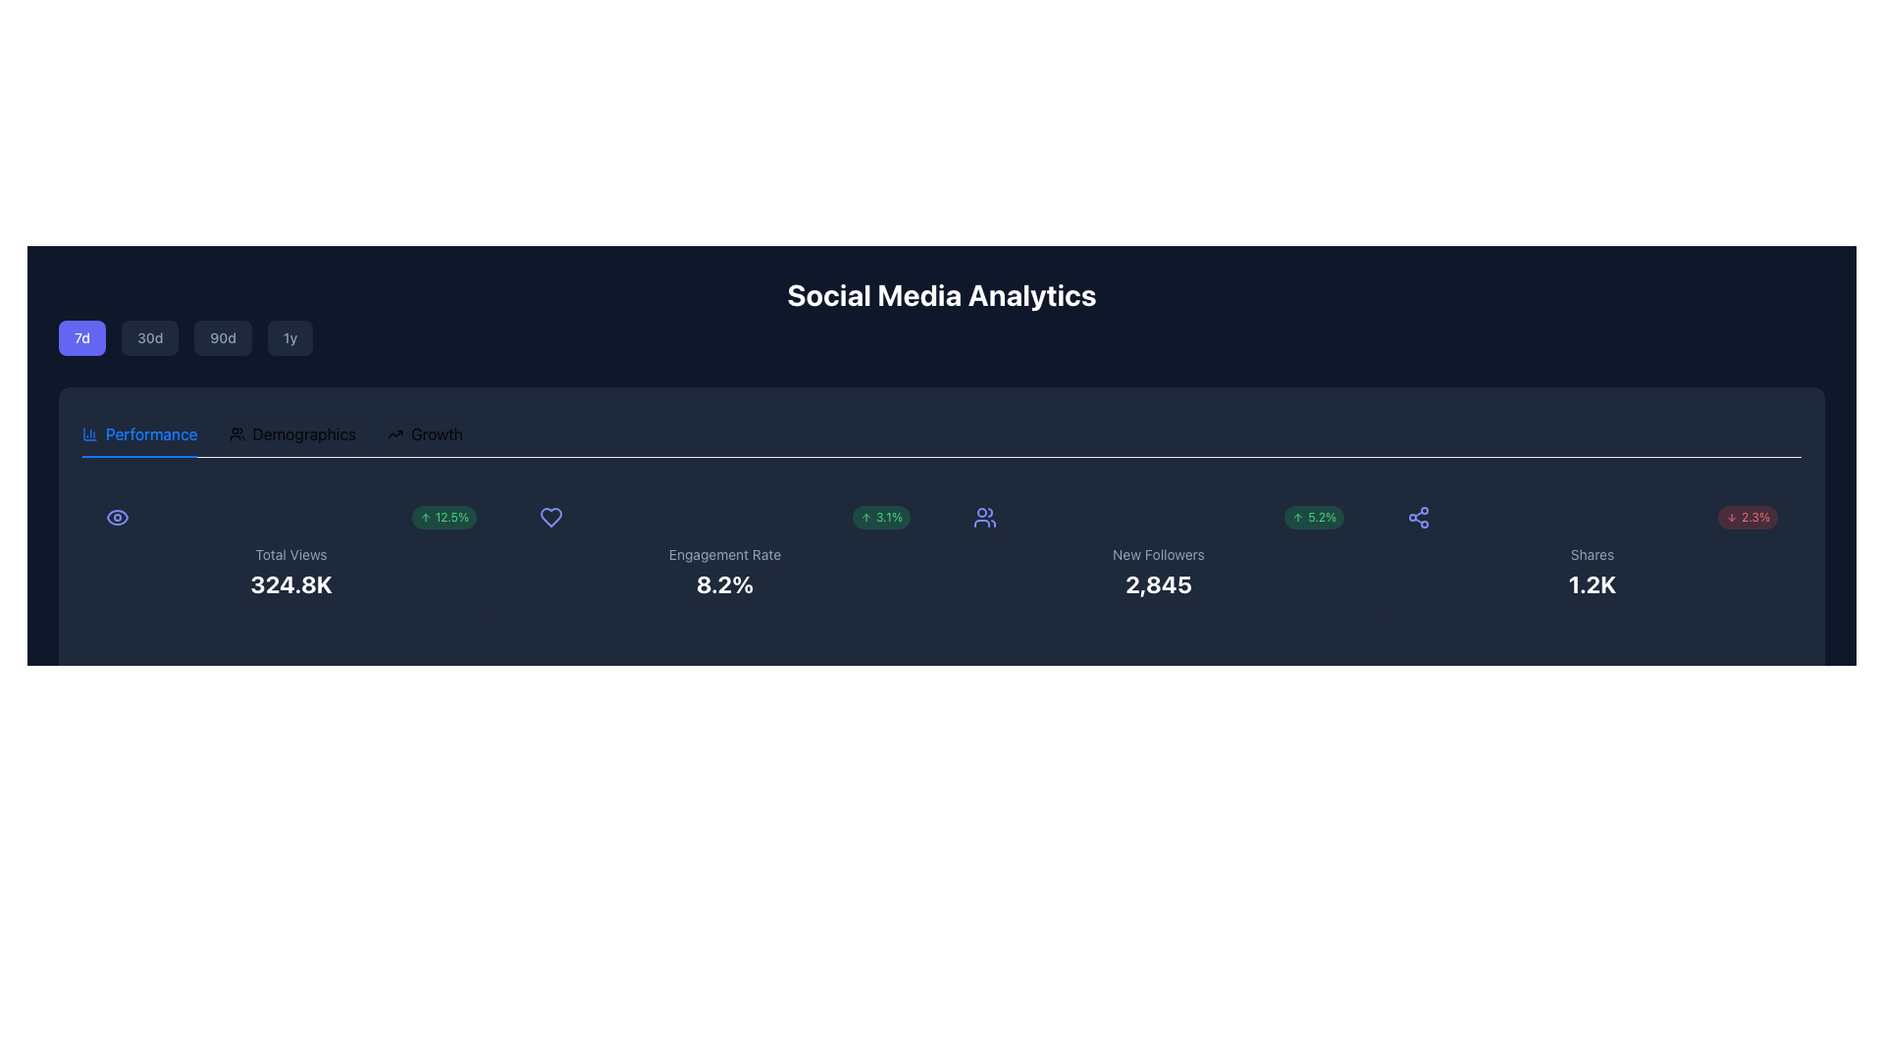 The image size is (1884, 1059). What do you see at coordinates (289, 336) in the screenshot?
I see `the '1y' button, which is the fourth button in a horizontal group of four buttons labeled '7d', '30d', '90d', and '1y', located near the top-left region of the interface, to change its appearance` at bounding box center [289, 336].